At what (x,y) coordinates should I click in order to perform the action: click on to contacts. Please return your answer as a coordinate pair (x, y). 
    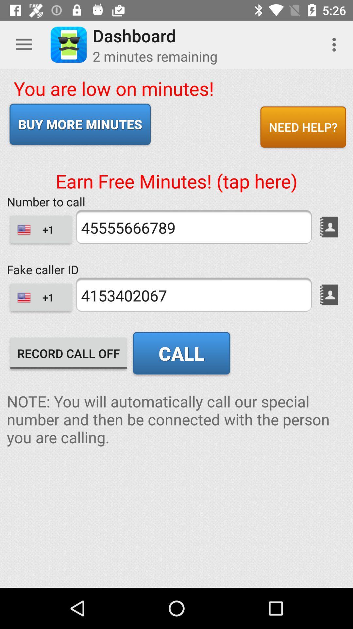
    Looking at the image, I should click on (329, 227).